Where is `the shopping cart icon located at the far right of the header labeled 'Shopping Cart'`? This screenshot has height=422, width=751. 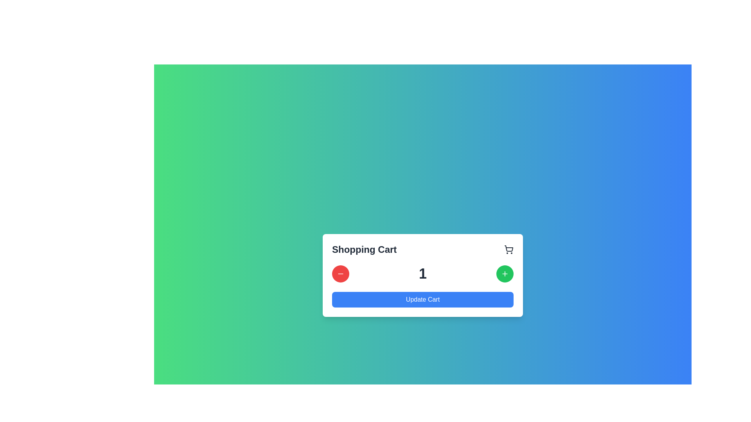 the shopping cart icon located at the far right of the header labeled 'Shopping Cart' is located at coordinates (508, 250).